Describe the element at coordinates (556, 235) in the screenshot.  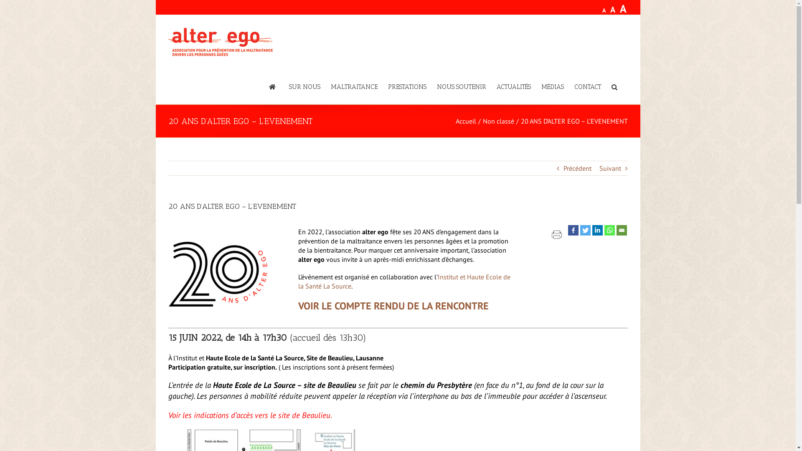
I see `'Printer Friendly, PDF & Email'` at that location.